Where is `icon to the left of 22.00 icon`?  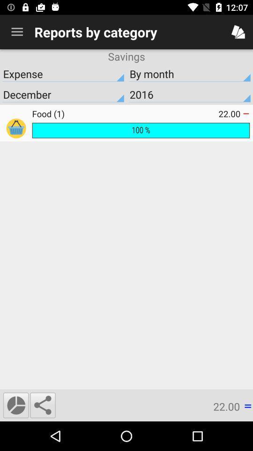 icon to the left of 22.00 icon is located at coordinates (125, 113).